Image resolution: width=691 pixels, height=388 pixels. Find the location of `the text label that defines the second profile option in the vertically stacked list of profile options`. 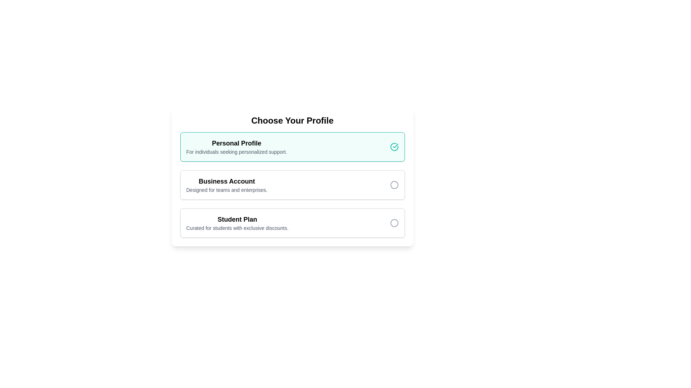

the text label that defines the second profile option in the vertically stacked list of profile options is located at coordinates (226, 181).